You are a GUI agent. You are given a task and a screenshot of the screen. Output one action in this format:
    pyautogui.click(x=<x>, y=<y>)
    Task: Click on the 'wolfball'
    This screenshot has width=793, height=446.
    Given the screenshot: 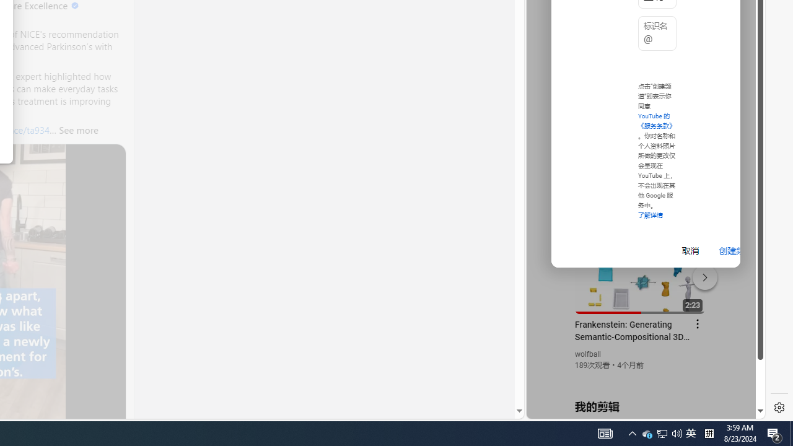 What is the action you would take?
    pyautogui.click(x=587, y=354)
    